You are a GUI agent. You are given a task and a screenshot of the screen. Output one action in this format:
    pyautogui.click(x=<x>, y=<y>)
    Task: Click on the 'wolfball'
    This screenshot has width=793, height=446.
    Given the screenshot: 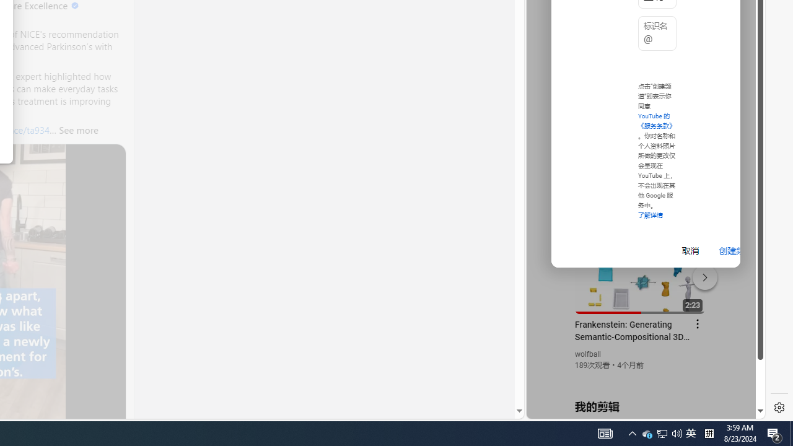 What is the action you would take?
    pyautogui.click(x=587, y=354)
    